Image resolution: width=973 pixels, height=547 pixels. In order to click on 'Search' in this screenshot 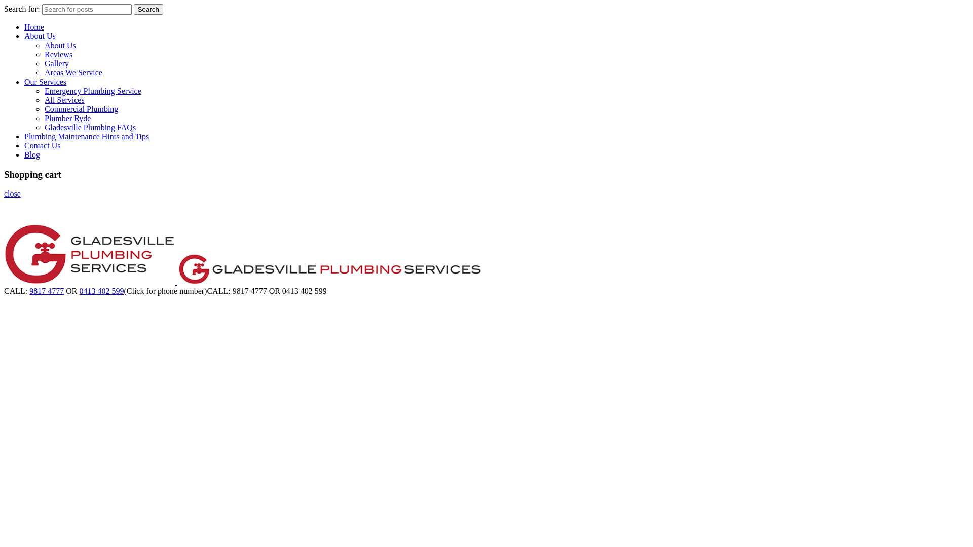, I will do `click(147, 9)`.